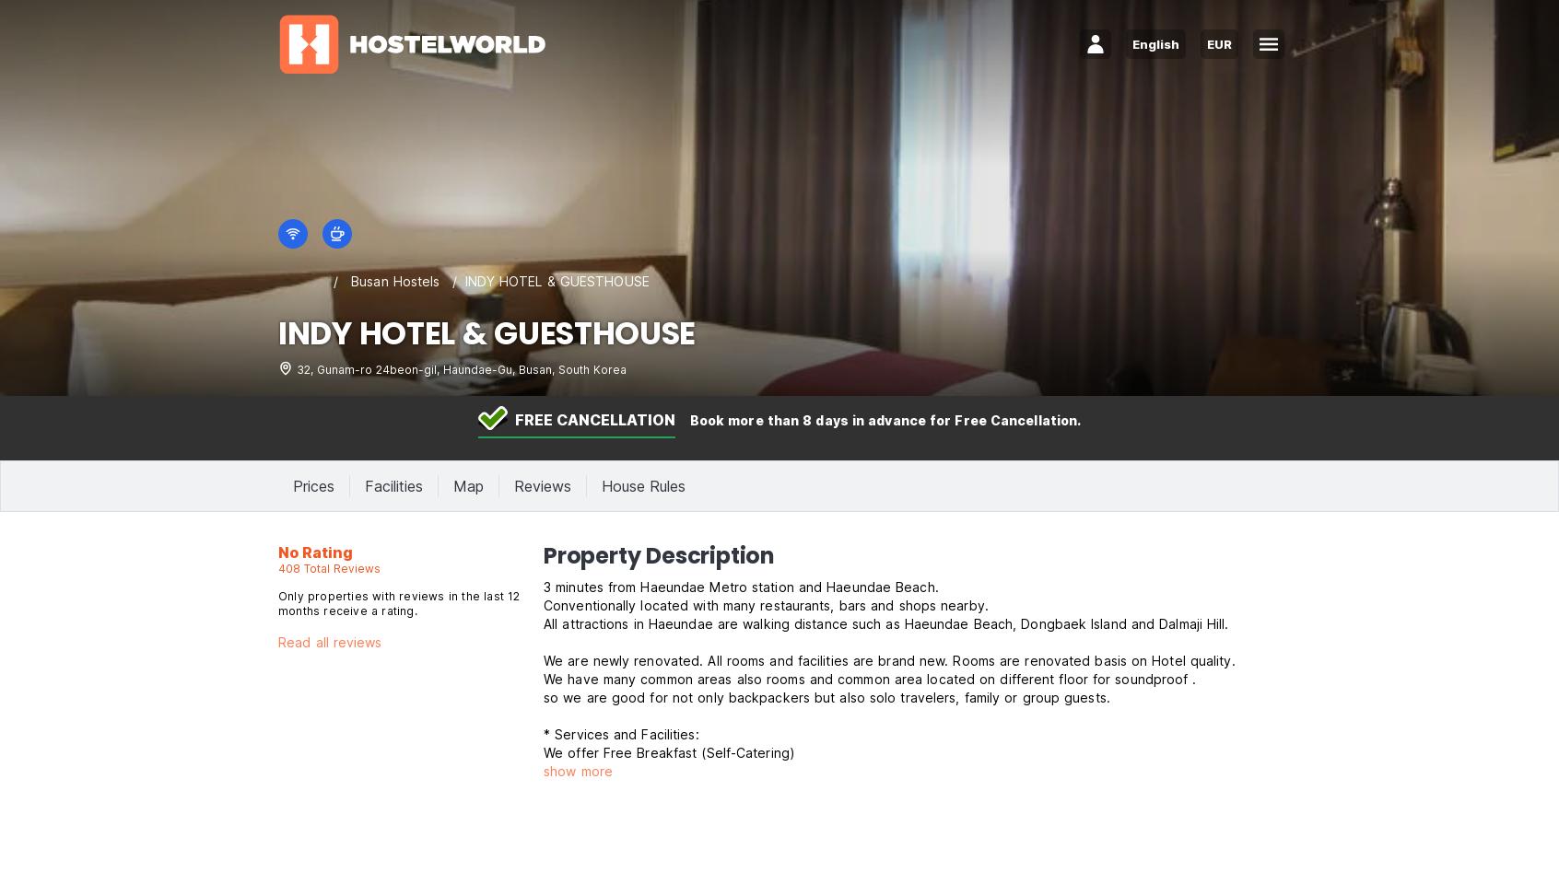 This screenshot has width=1559, height=872. What do you see at coordinates (888, 659) in the screenshot?
I see `'We are newly  renovated. All rooms and facilities are brand new.  Rooms are  renovated basis on Hotel quality.'` at bounding box center [888, 659].